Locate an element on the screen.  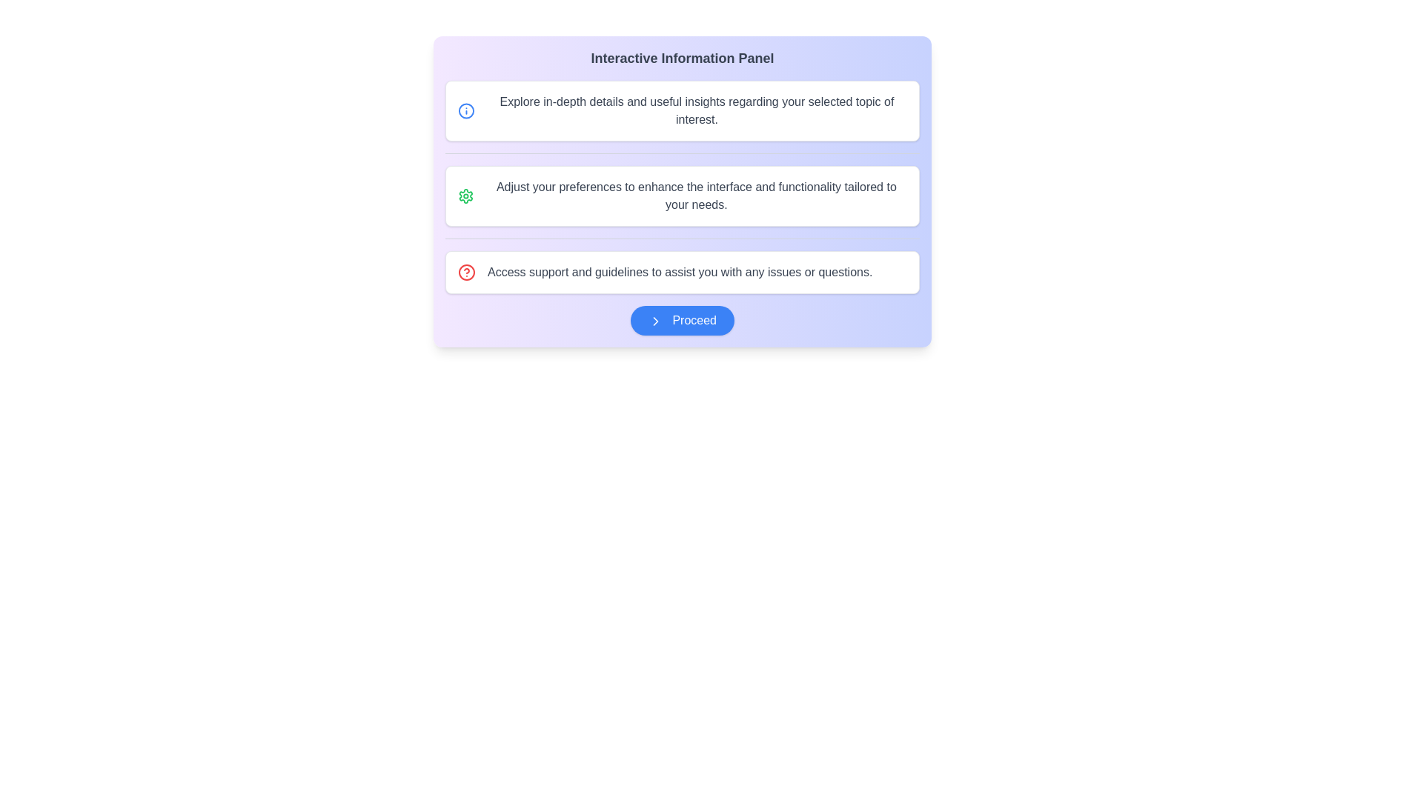
descriptive text in the informational box located below the 'Explore in-depth details and useful insights' box and above the 'Access support and guidelines to assist you' box is located at coordinates (682, 196).